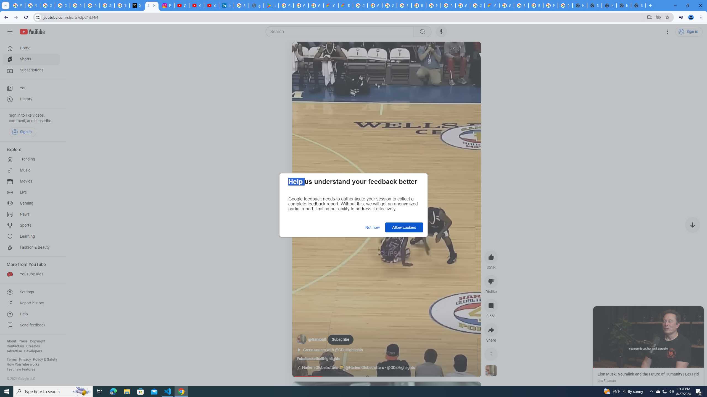  Describe the element at coordinates (441, 31) in the screenshot. I see `'Search with your voice'` at that location.